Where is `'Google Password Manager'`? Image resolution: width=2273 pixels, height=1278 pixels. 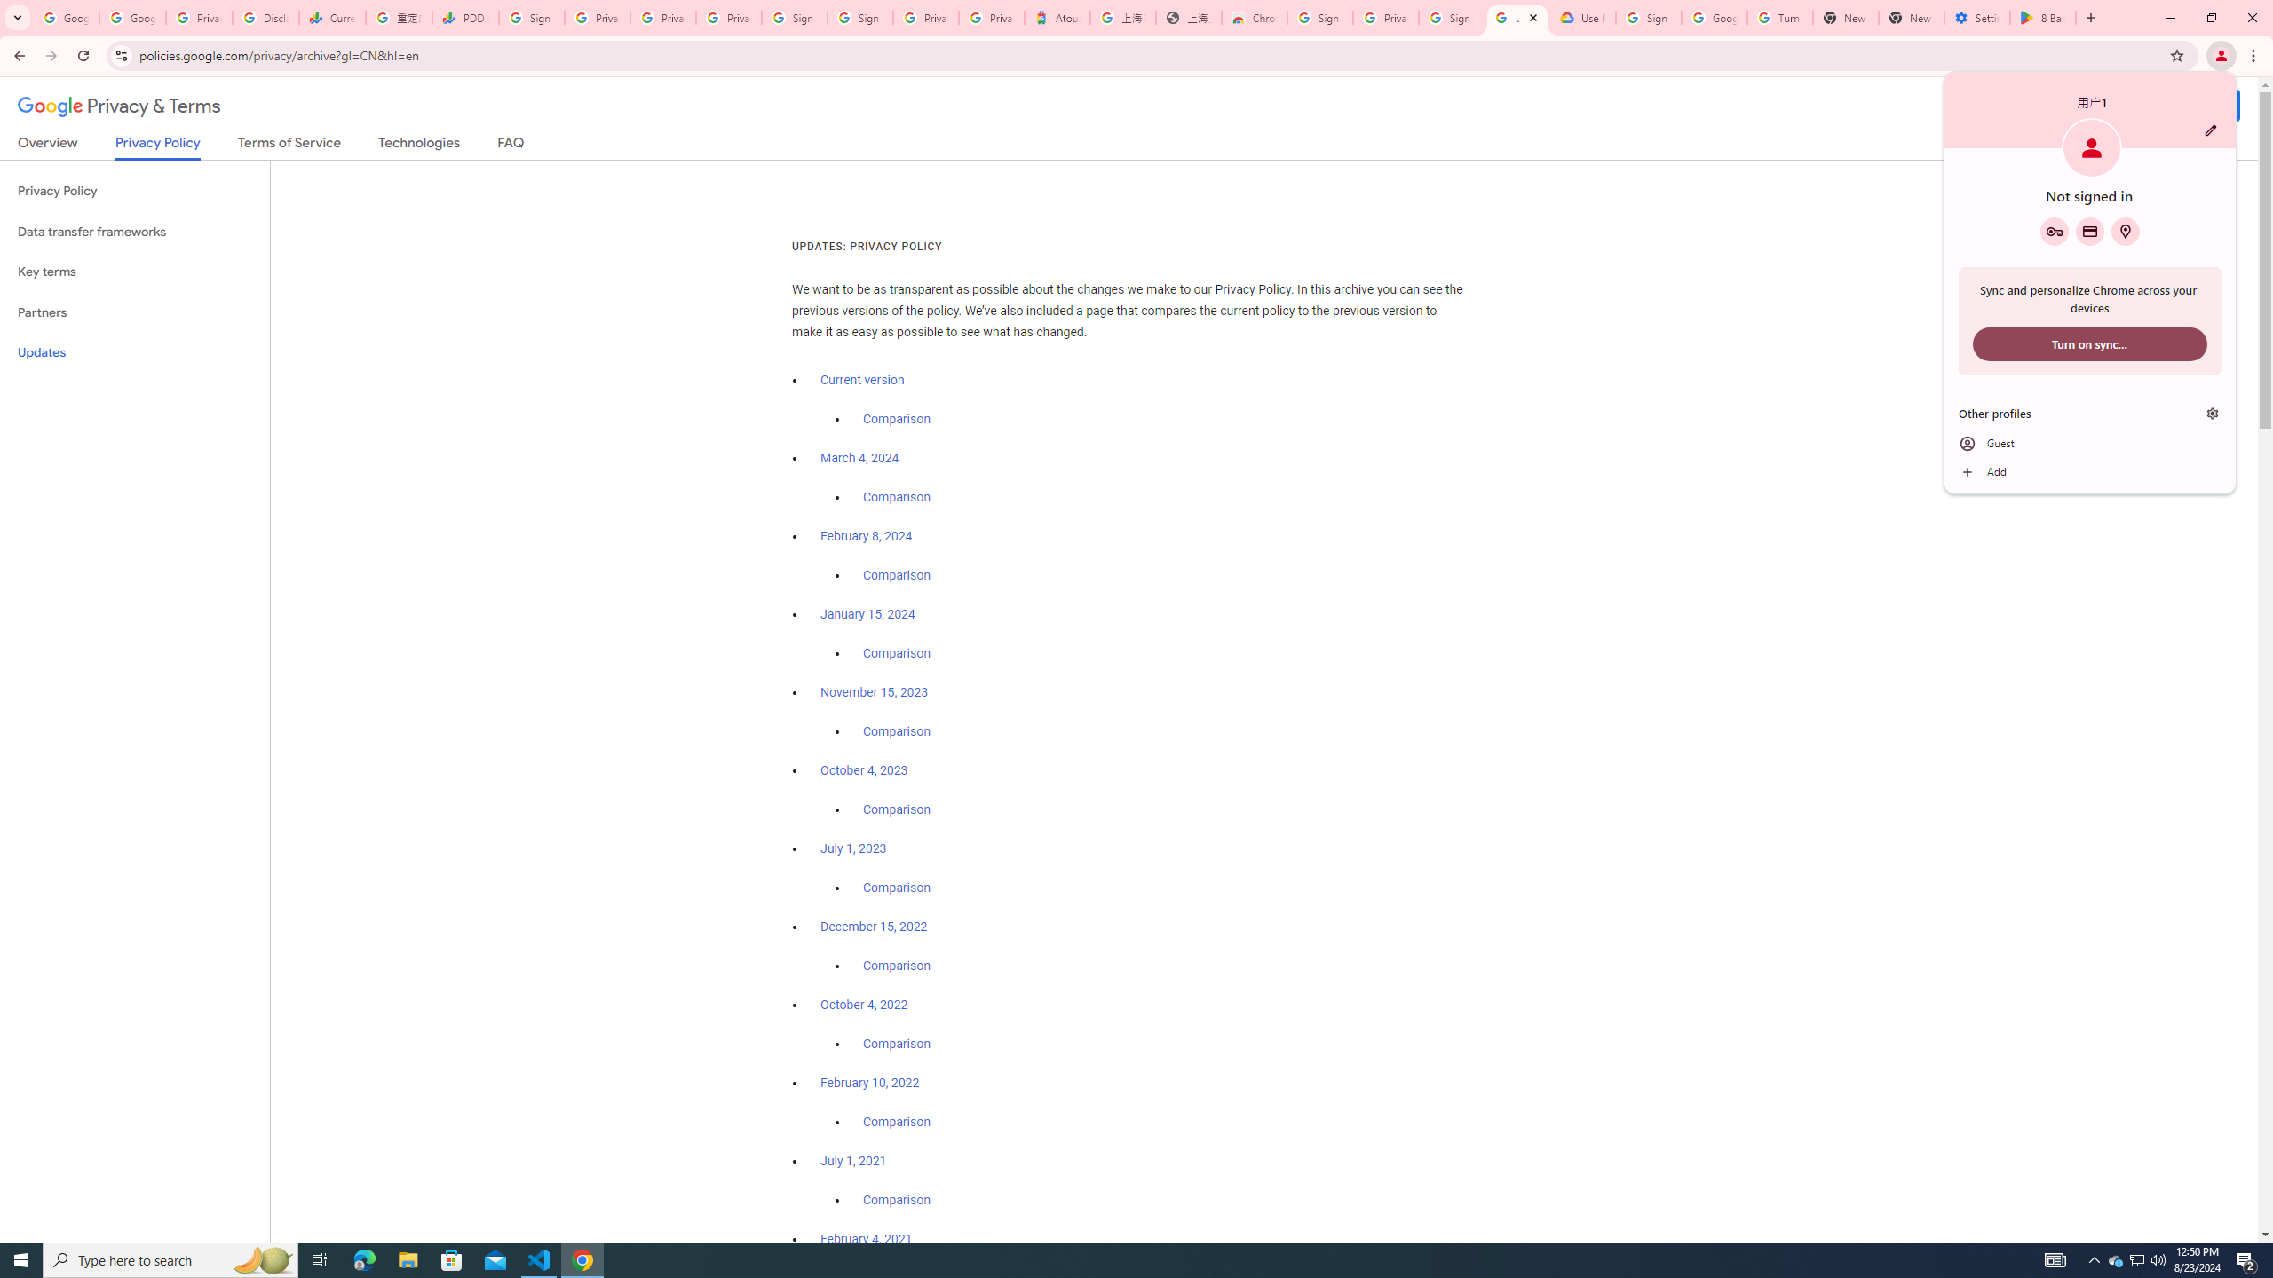 'Google Password Manager' is located at coordinates (2055, 231).